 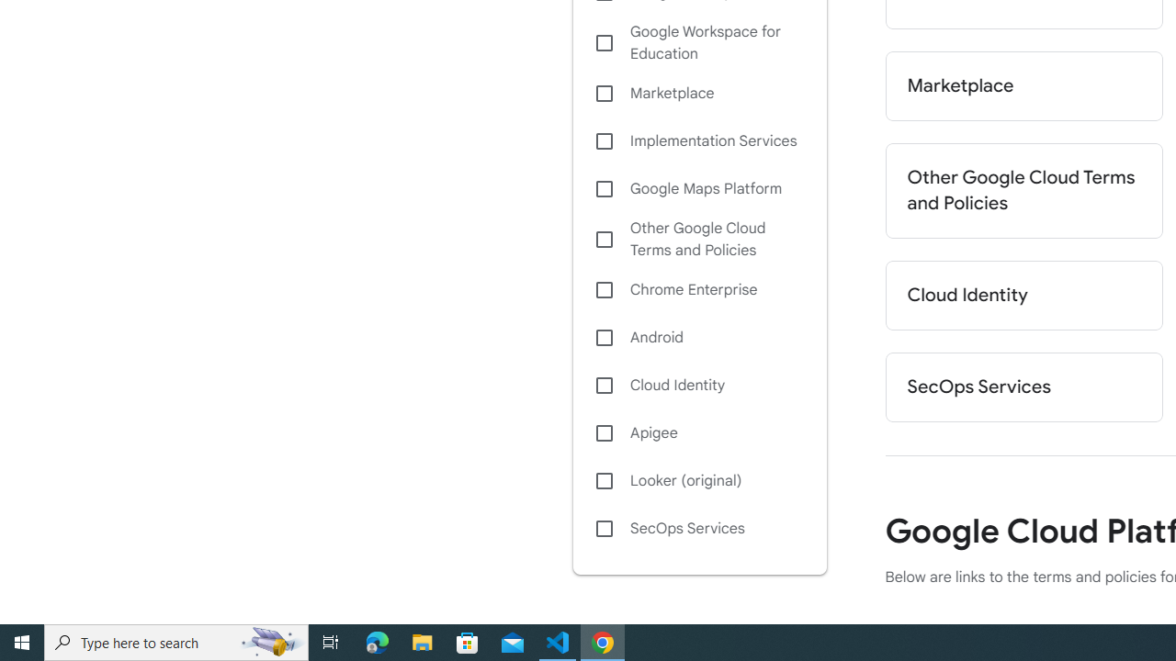 I want to click on 'Google Workspace for Education', so click(x=698, y=42).